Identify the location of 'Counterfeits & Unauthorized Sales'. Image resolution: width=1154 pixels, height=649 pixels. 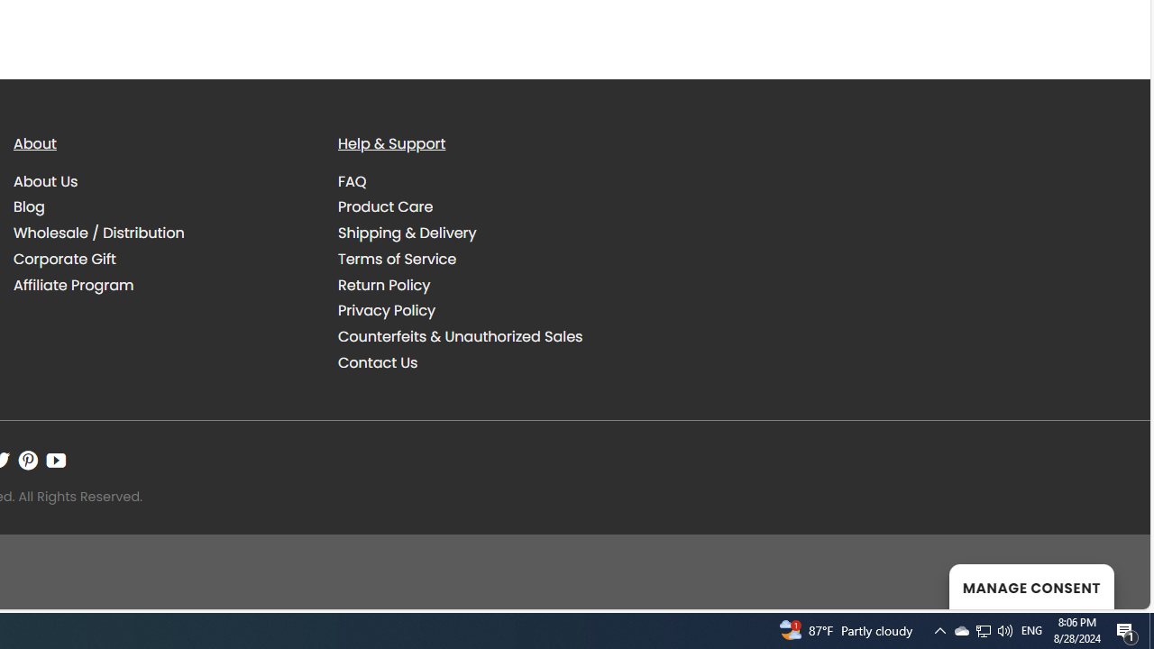
(460, 337).